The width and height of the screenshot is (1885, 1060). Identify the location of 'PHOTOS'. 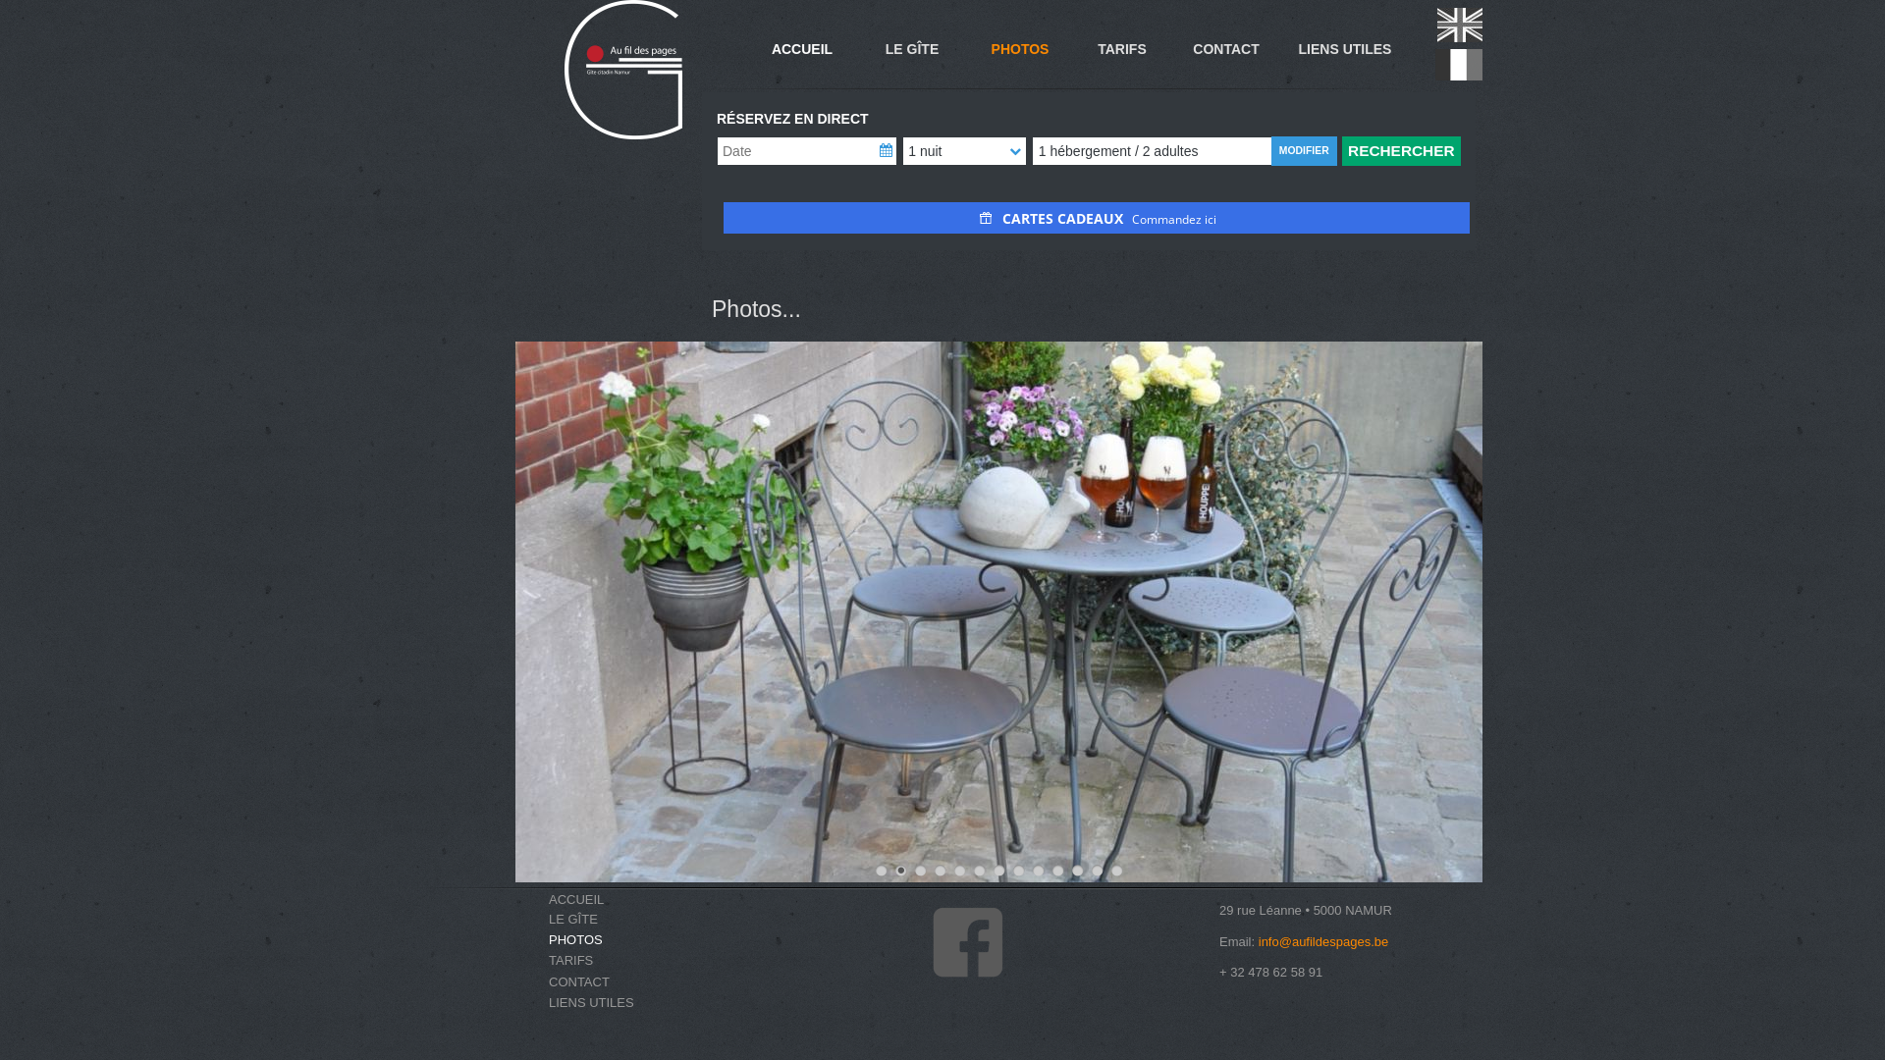
(612, 937).